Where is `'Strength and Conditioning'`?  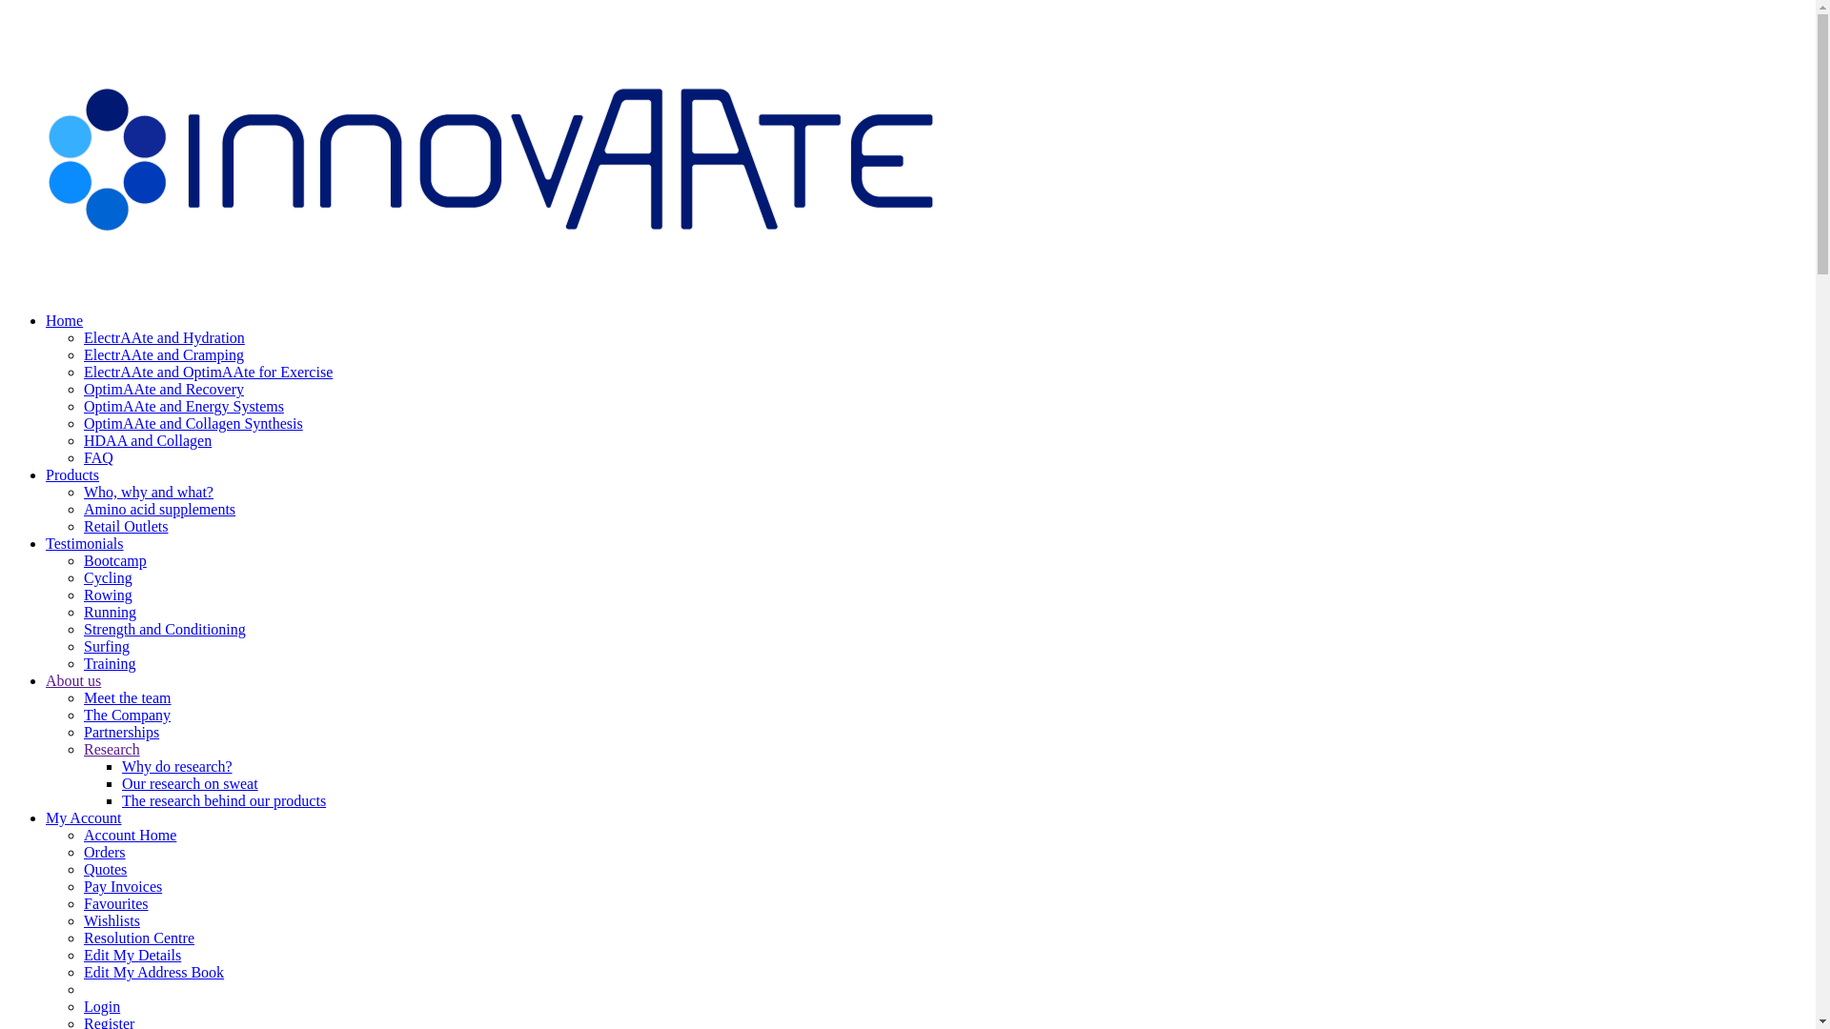
'Strength and Conditioning' is located at coordinates (164, 629).